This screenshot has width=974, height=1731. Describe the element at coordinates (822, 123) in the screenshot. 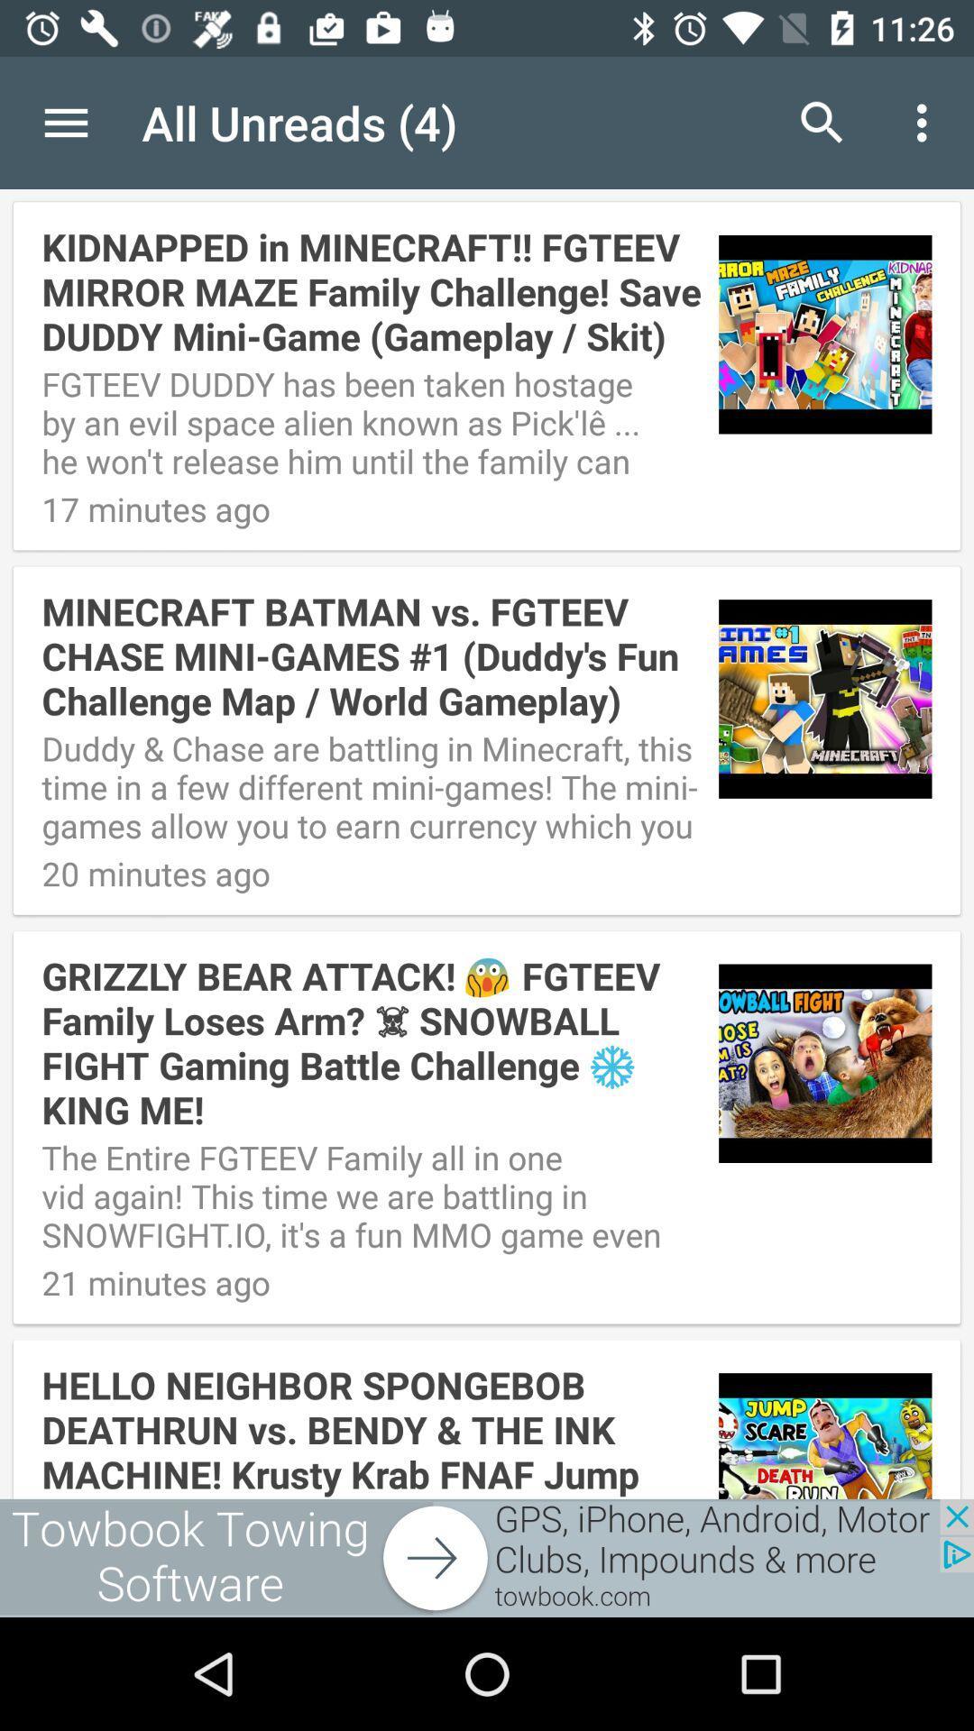

I see `the search icon` at that location.